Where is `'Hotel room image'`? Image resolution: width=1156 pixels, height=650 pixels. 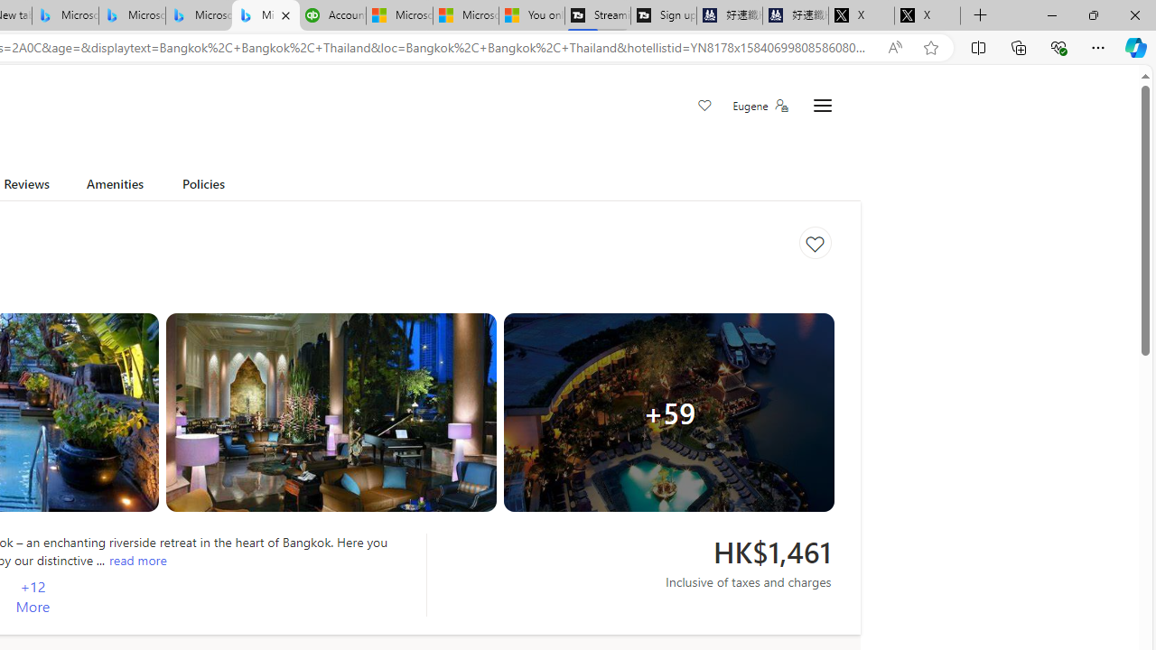 'Hotel room image' is located at coordinates (331, 413).